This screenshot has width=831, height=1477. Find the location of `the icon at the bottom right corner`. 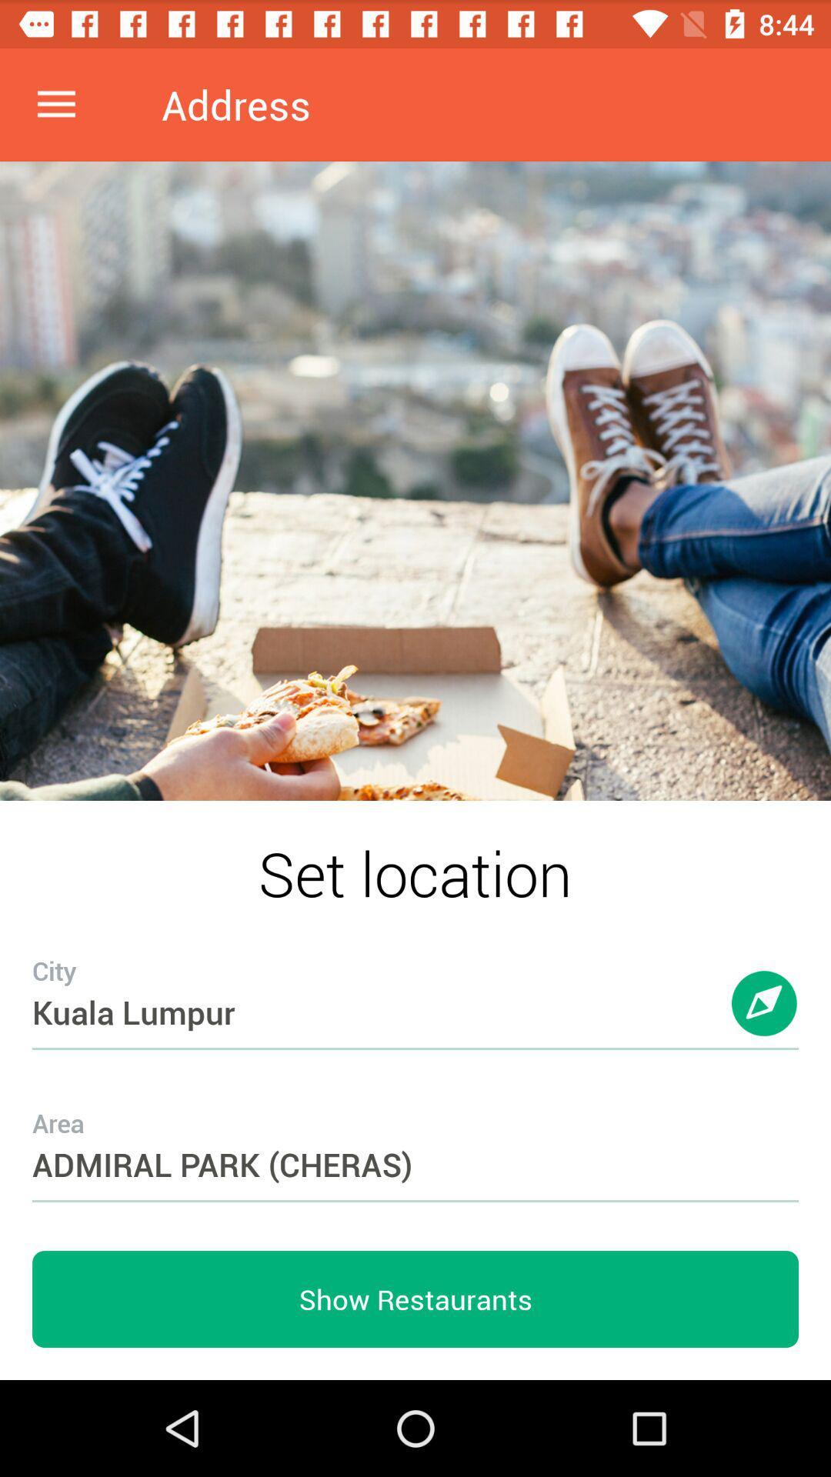

the icon at the bottom right corner is located at coordinates (765, 1019).